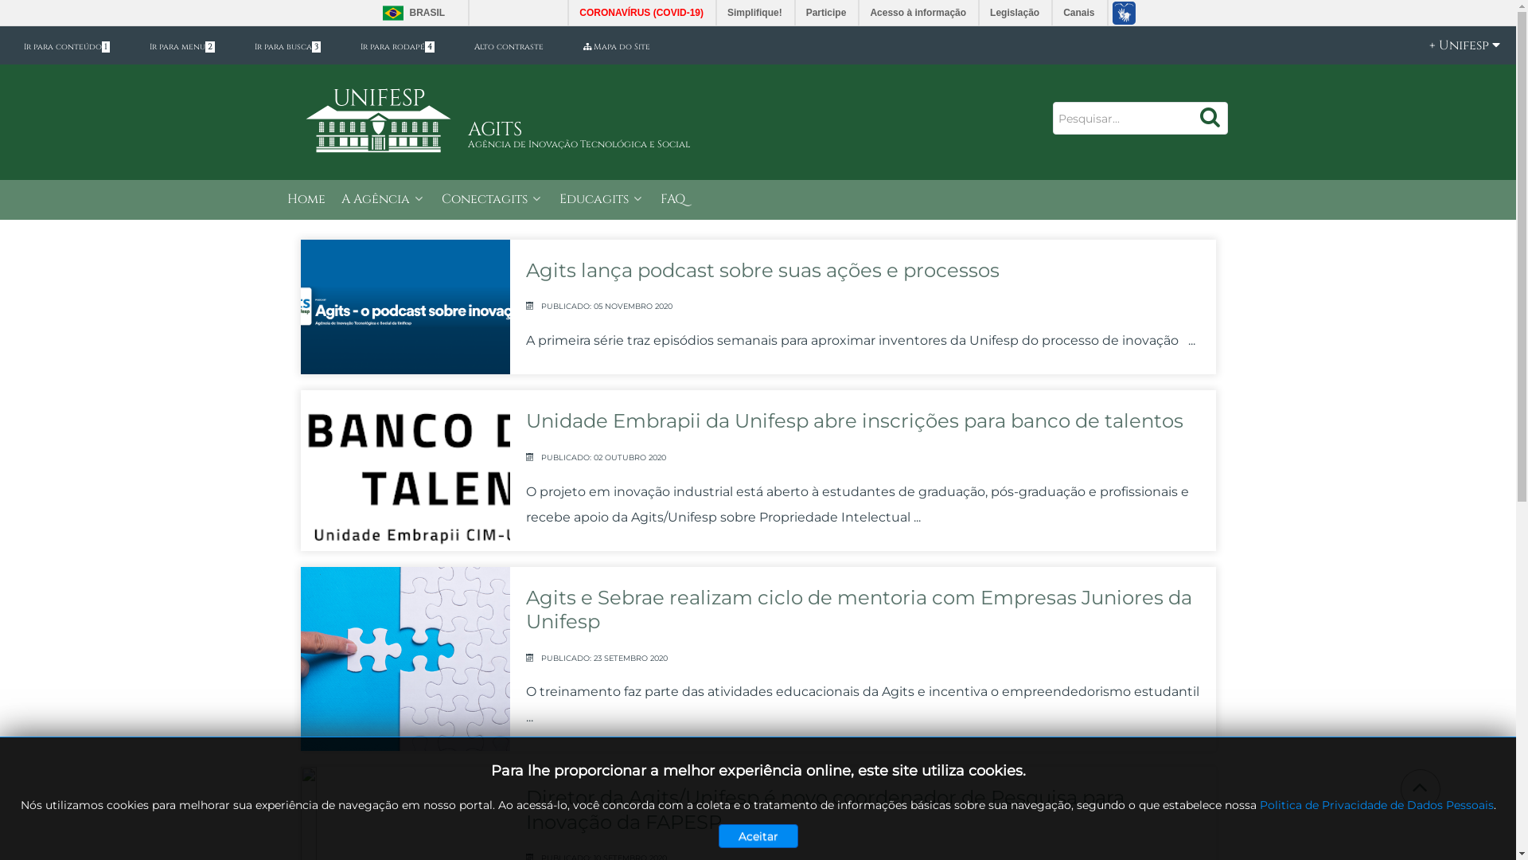  I want to click on '+ Unifesp', so click(1456, 45).